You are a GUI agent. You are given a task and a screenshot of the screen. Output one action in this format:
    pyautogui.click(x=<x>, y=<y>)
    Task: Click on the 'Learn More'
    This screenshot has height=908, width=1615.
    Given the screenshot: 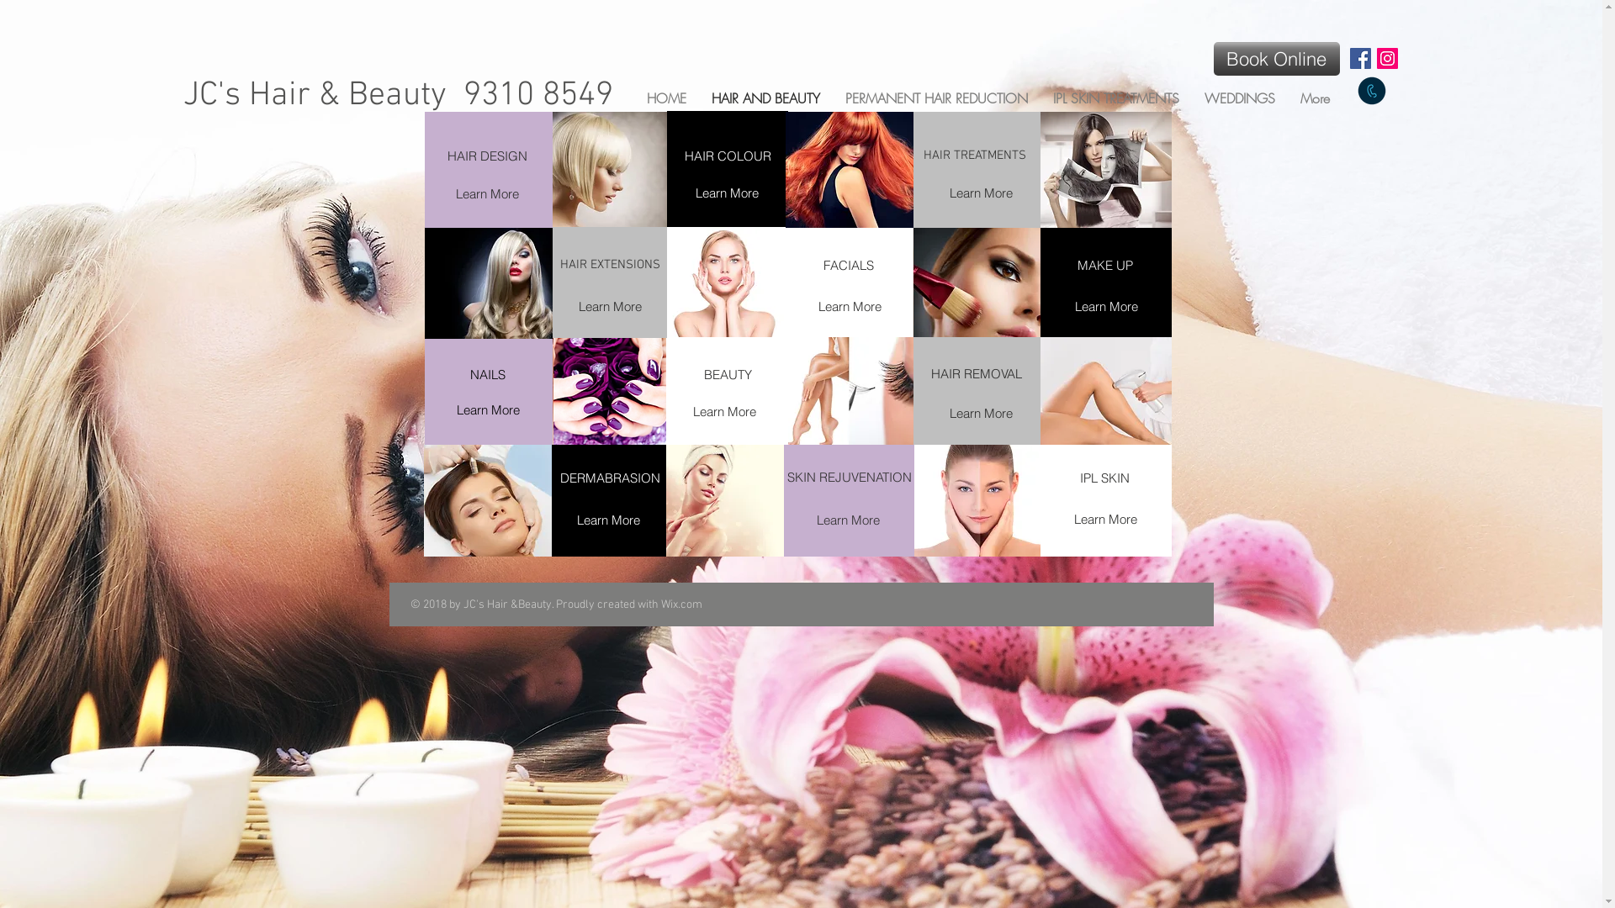 What is the action you would take?
    pyautogui.click(x=850, y=305)
    